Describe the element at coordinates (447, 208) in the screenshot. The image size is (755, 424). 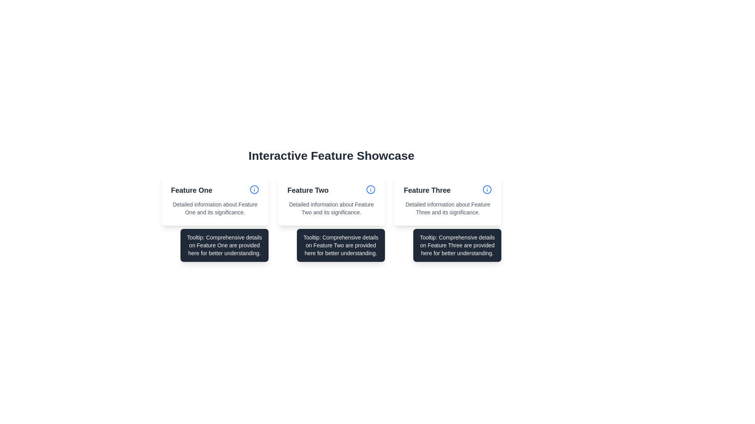
I see `the text snippet that reads 'Detailed information about Feature Three and its significance.' located beneath the title 'Feature Three' in the white rectangular card` at that location.